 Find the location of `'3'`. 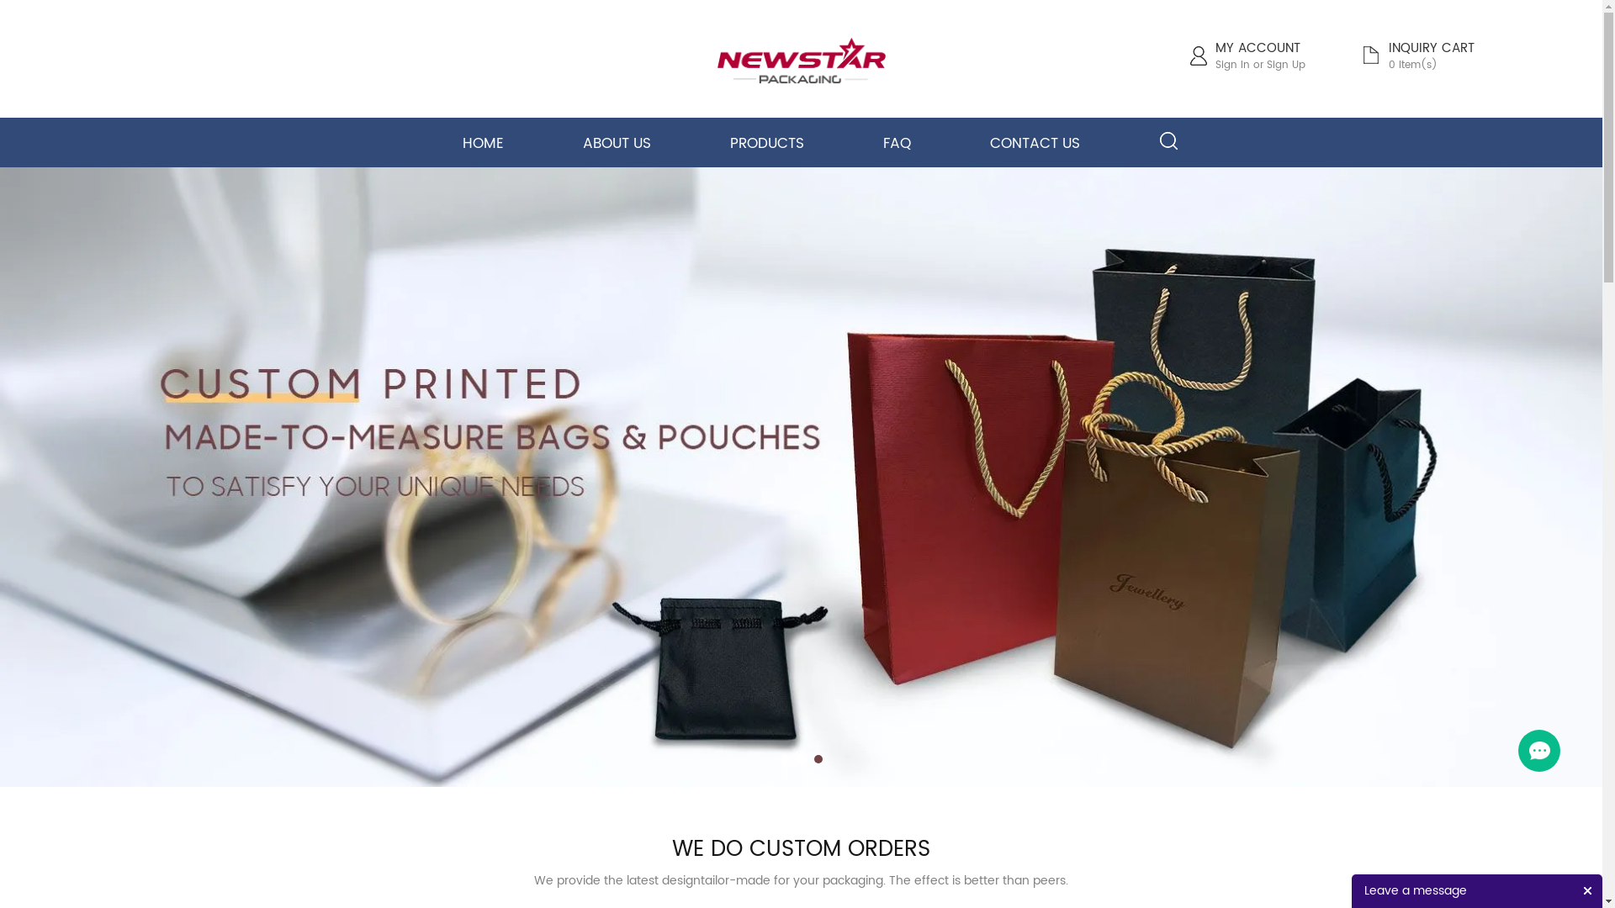

'3' is located at coordinates (814, 758).